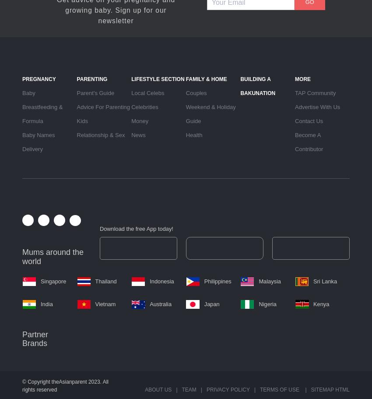 The height and width of the screenshot is (399, 372). Describe the element at coordinates (206, 78) in the screenshot. I see `'FAMILY & HOME'` at that location.